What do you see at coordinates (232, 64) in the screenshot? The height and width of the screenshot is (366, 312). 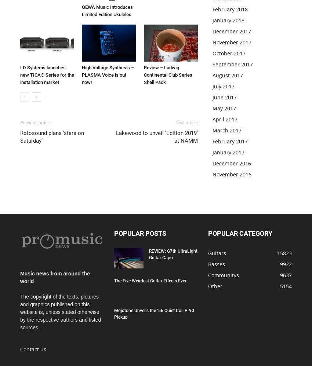 I see `'September 2017'` at bounding box center [232, 64].